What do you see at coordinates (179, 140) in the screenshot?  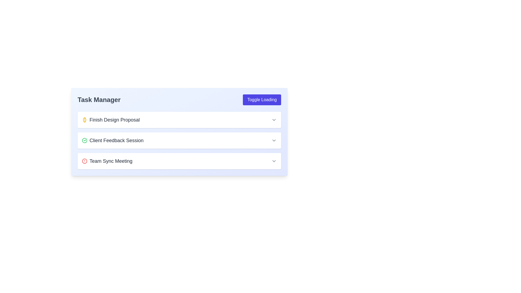 I see `the dropdown arrow of the 'Client Feedback Session' list item` at bounding box center [179, 140].